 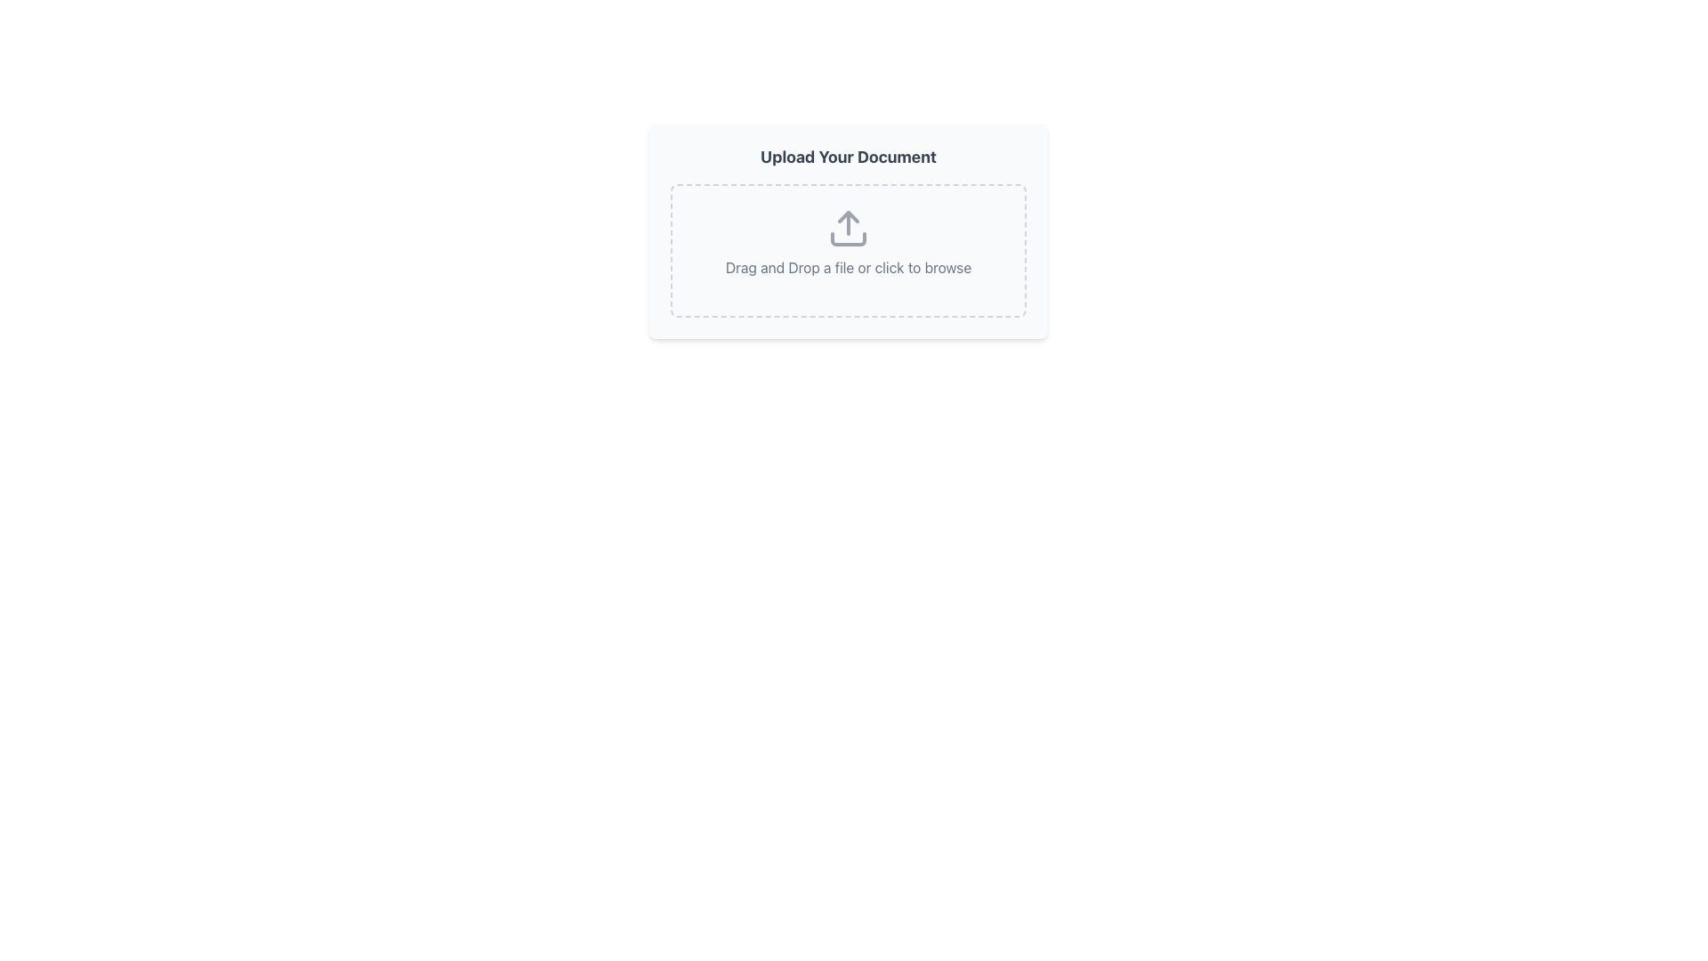 I want to click on and drop a file onto the clickable transparent layer that prompts 'Drag and Drop a file or click, so click(x=848, y=250).